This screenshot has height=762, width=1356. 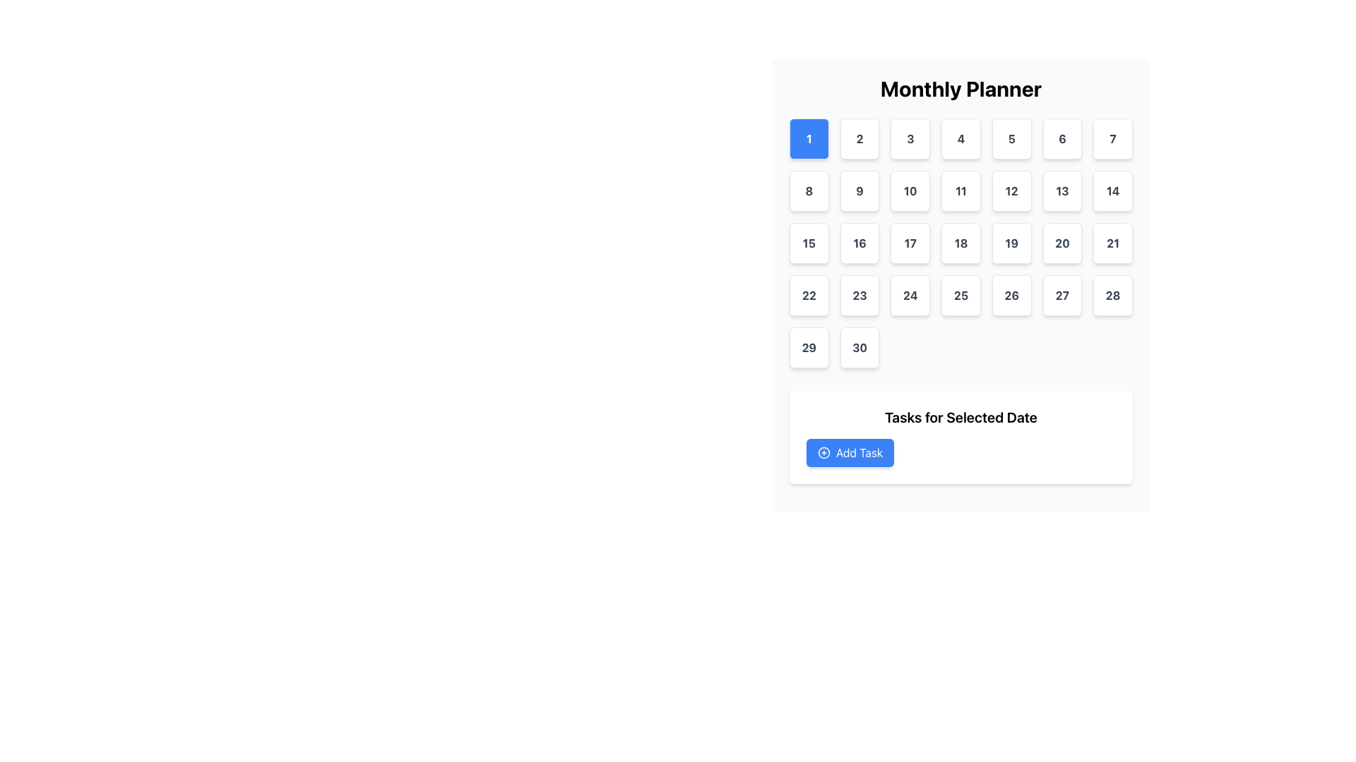 What do you see at coordinates (809, 348) in the screenshot?
I see `the square-shaped button displaying the number '29', which has a white background and gray text, located in the 5th row and 1st column of the grid layout below the 'Monthly Planner' heading` at bounding box center [809, 348].